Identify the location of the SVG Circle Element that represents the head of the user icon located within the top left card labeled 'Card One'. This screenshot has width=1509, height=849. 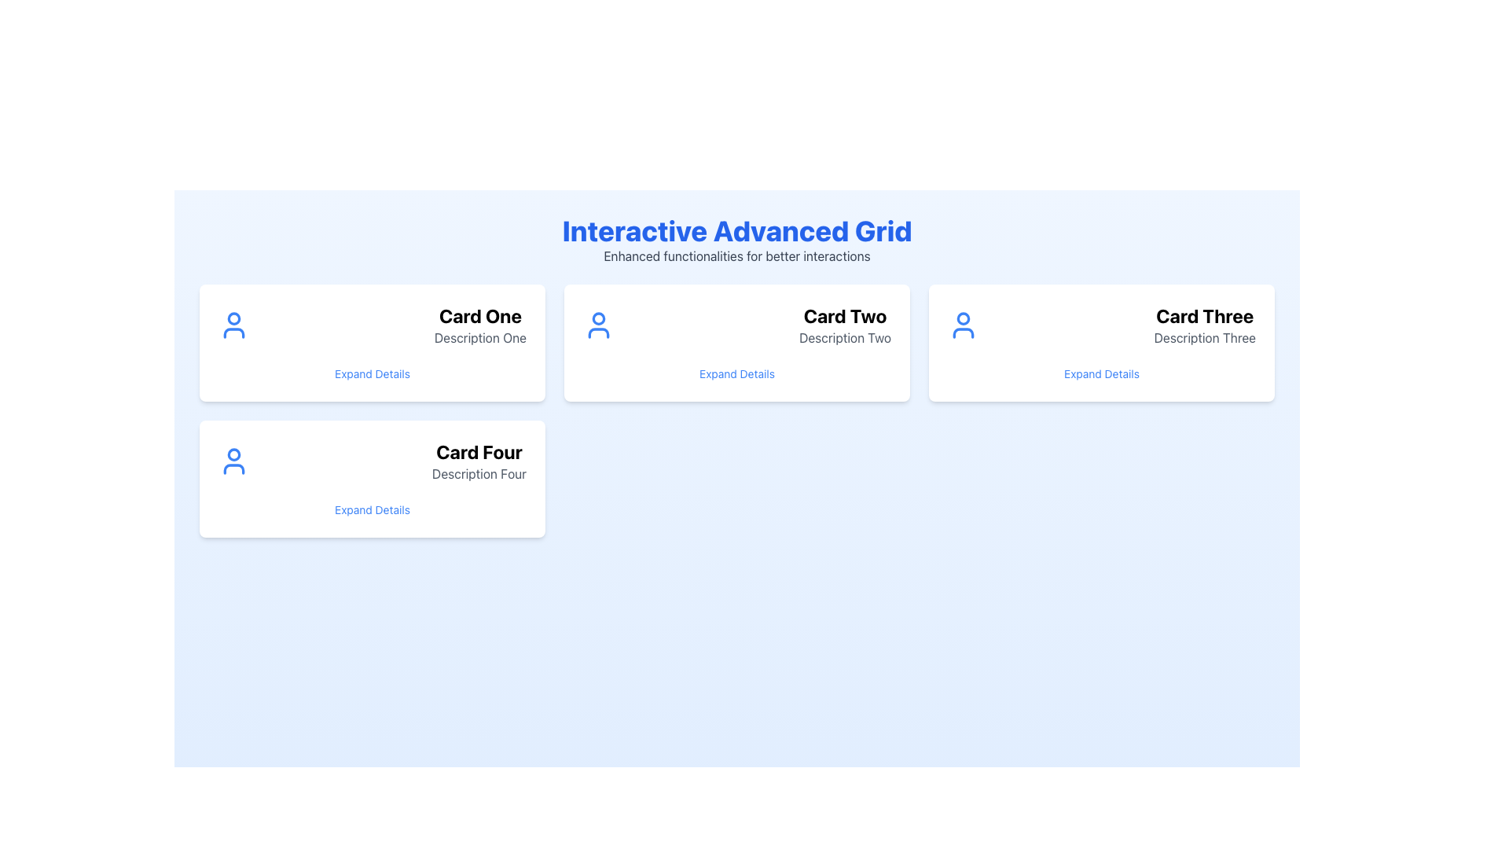
(233, 318).